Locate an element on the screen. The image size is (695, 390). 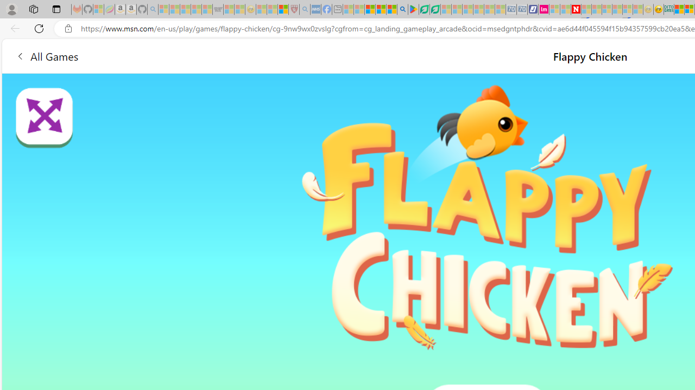
'All Games' is located at coordinates (46, 56).